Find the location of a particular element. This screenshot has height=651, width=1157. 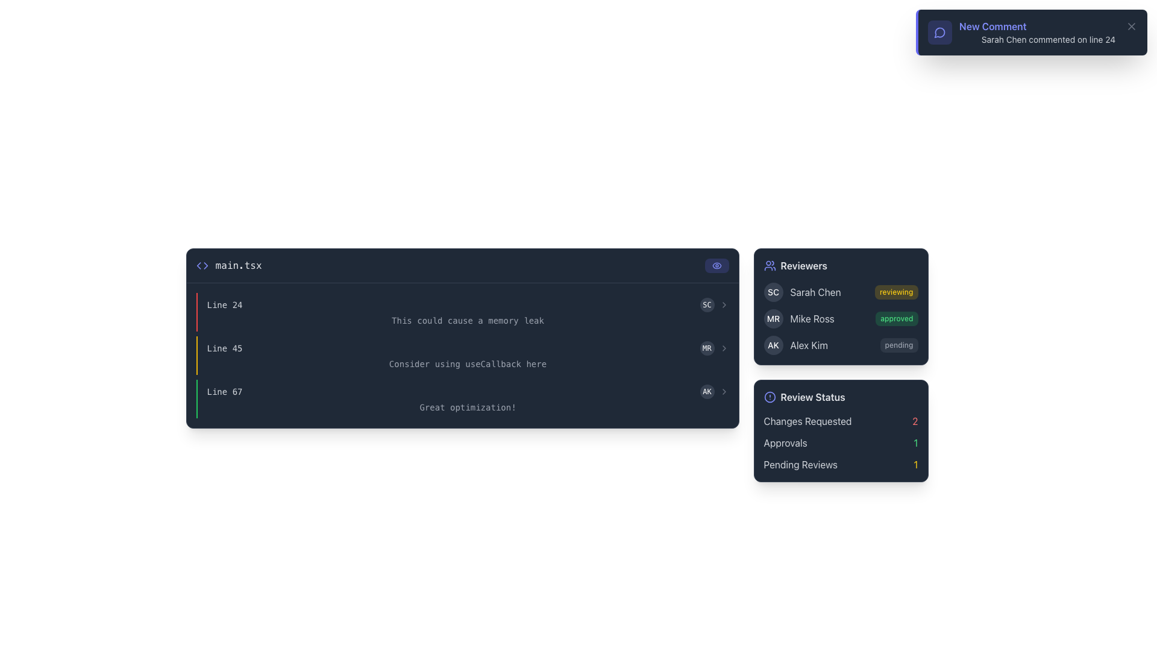

the close icon on the notification card located at the top-right corner of the interface is located at coordinates (1032, 32).